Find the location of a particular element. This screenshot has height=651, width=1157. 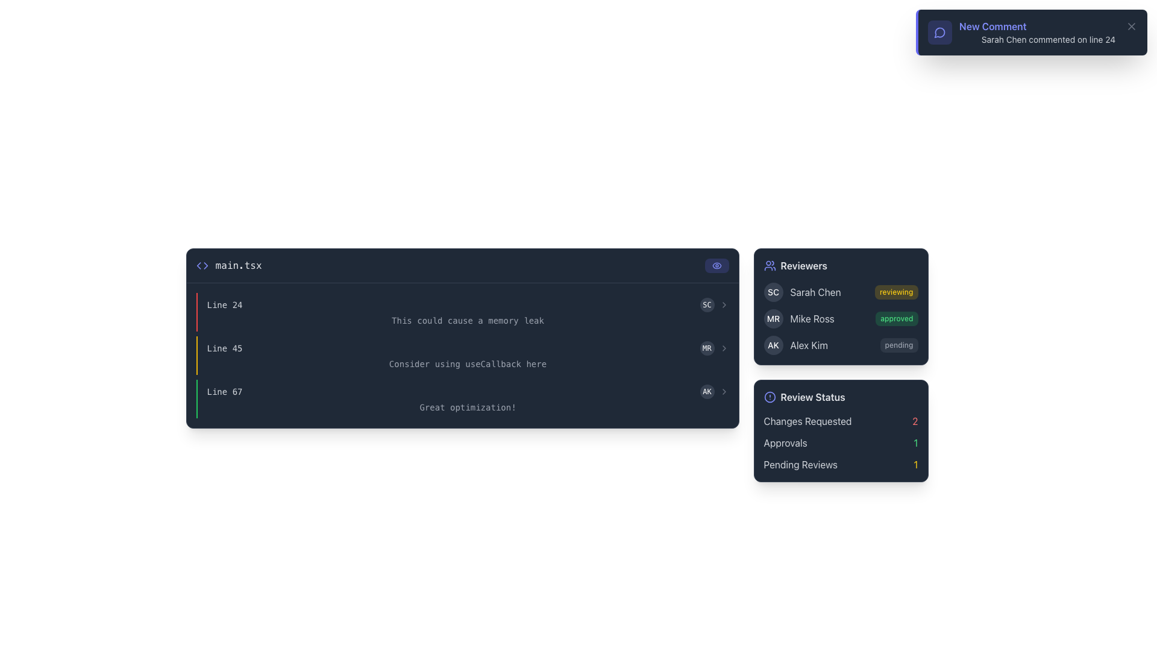

the close icon on the notification card located at the top-right corner of the interface is located at coordinates (1032, 32).